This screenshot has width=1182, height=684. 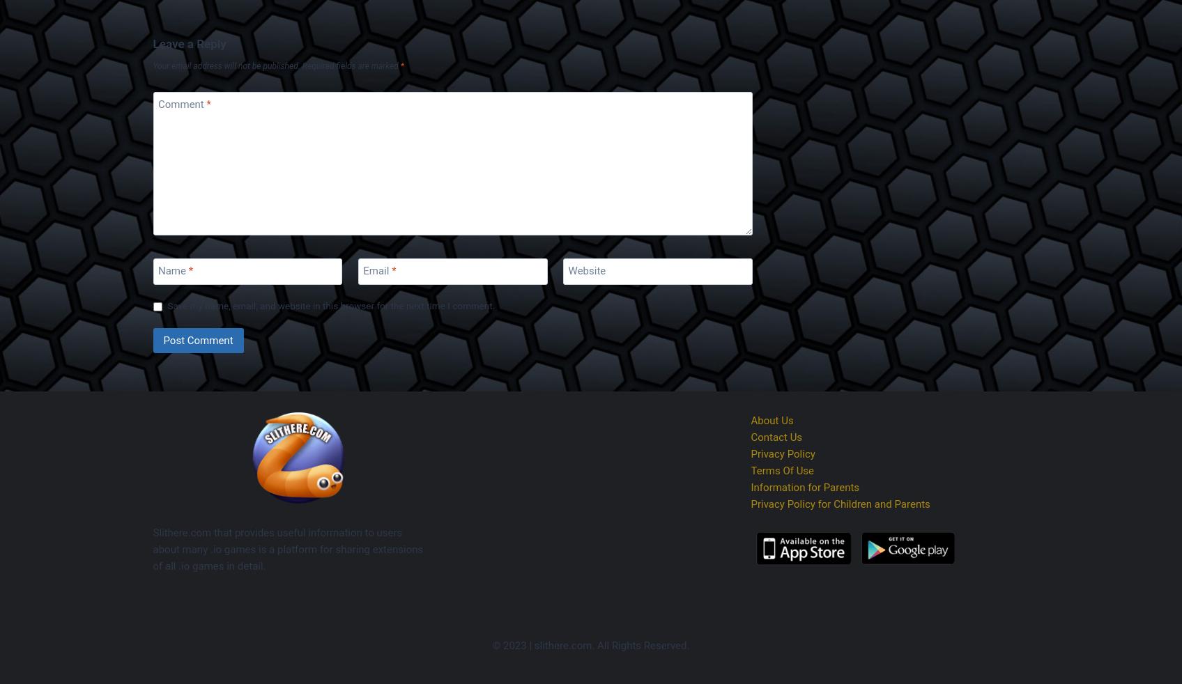 I want to click on 'Leave a Reply', so click(x=188, y=43).